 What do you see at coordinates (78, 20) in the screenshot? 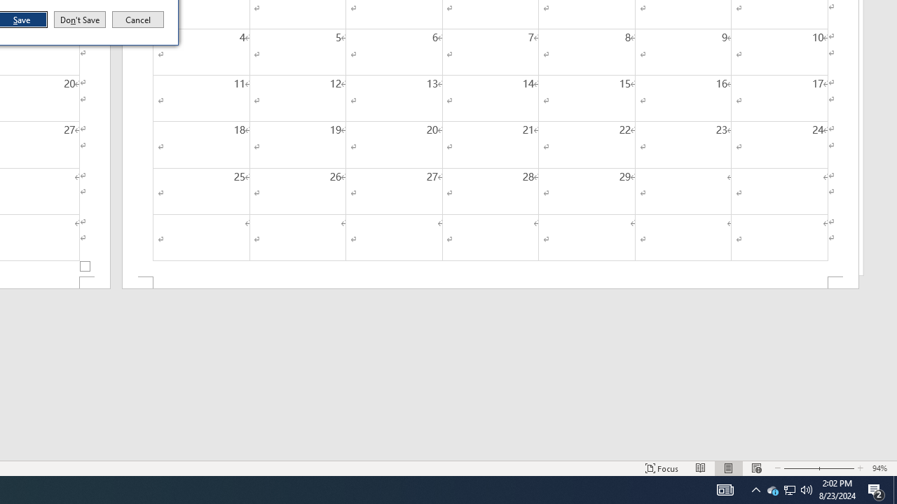
I see `'Don'` at bounding box center [78, 20].